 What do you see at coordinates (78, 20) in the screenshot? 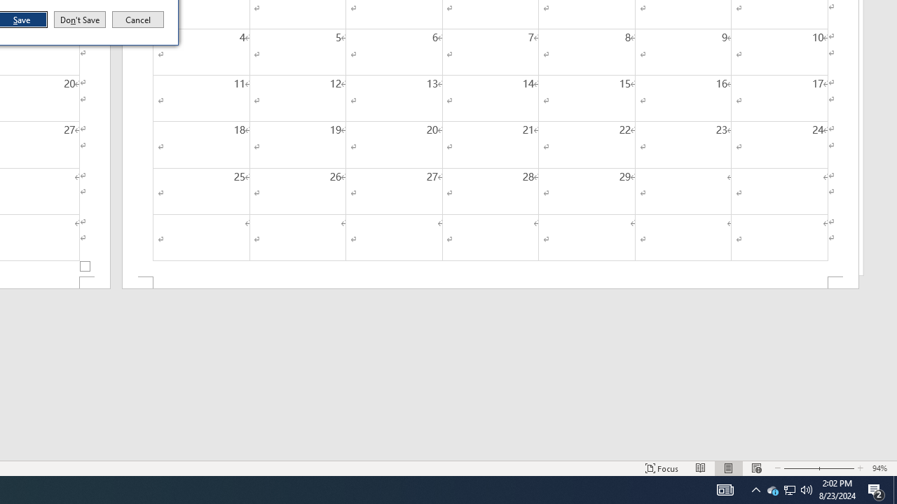
I see `'Don'` at bounding box center [78, 20].